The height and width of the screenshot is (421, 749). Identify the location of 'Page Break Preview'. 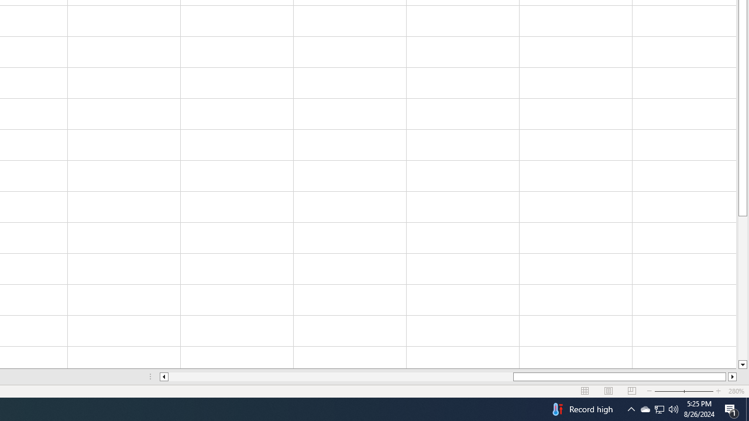
(631, 391).